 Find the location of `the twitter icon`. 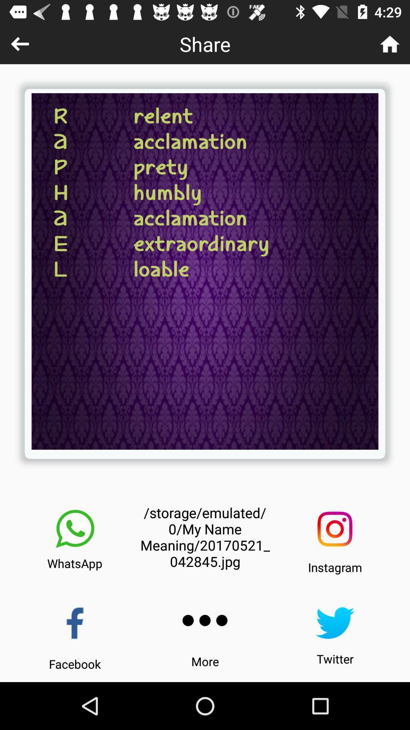

the twitter icon is located at coordinates (334, 623).